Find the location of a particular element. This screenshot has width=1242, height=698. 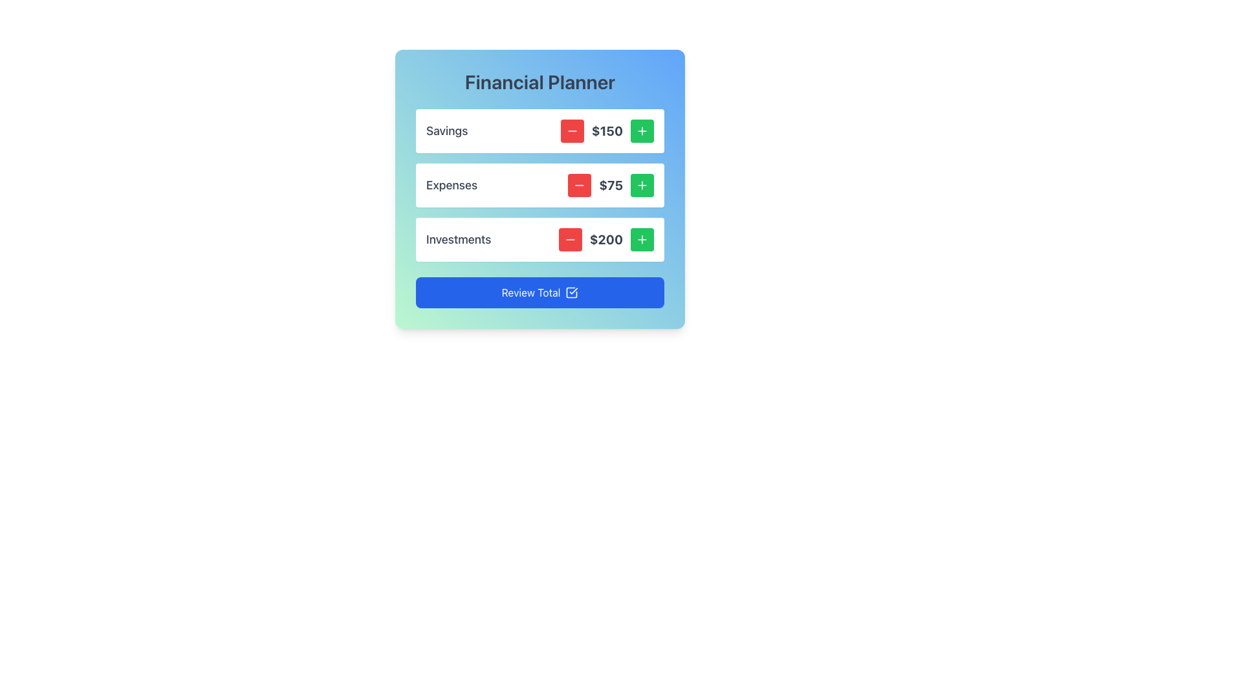

the small rectangular red button with a white minus icon to decrement the value next to the text '$150' in the financial summary card is located at coordinates (571, 131).